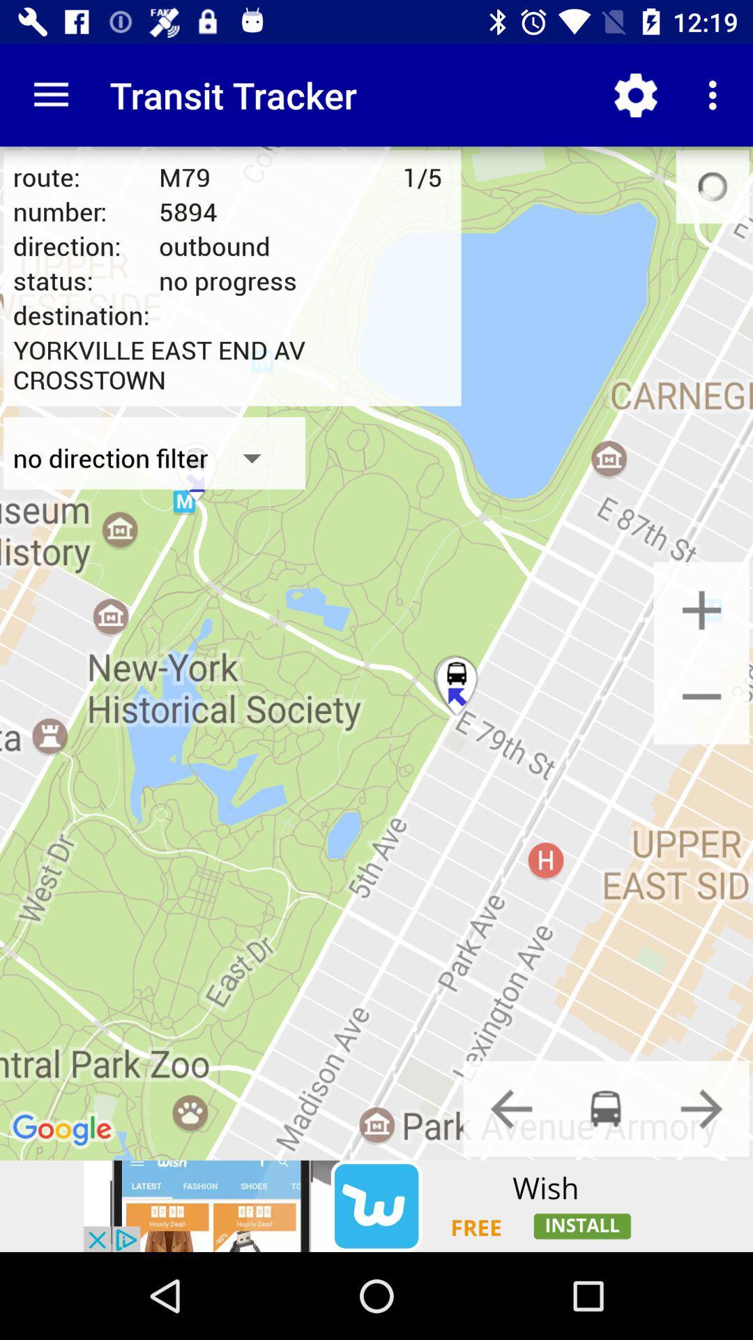  I want to click on previous button, so click(510, 1108).